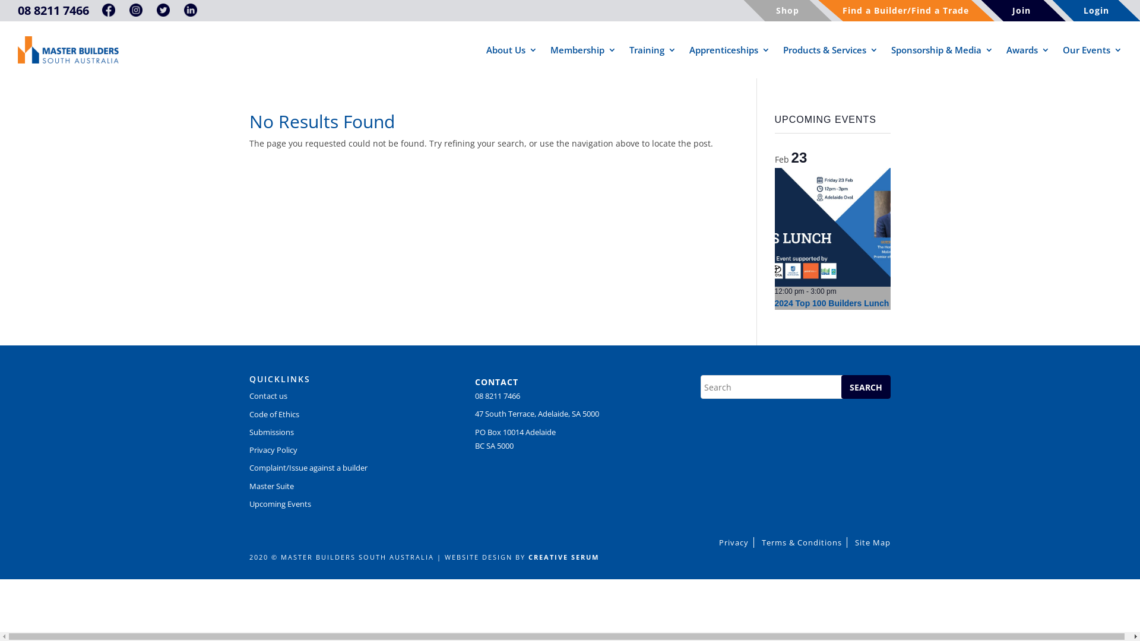 Image resolution: width=1140 pixels, height=641 pixels. I want to click on '2024 Top 100 Builders Lunch', so click(775, 303).